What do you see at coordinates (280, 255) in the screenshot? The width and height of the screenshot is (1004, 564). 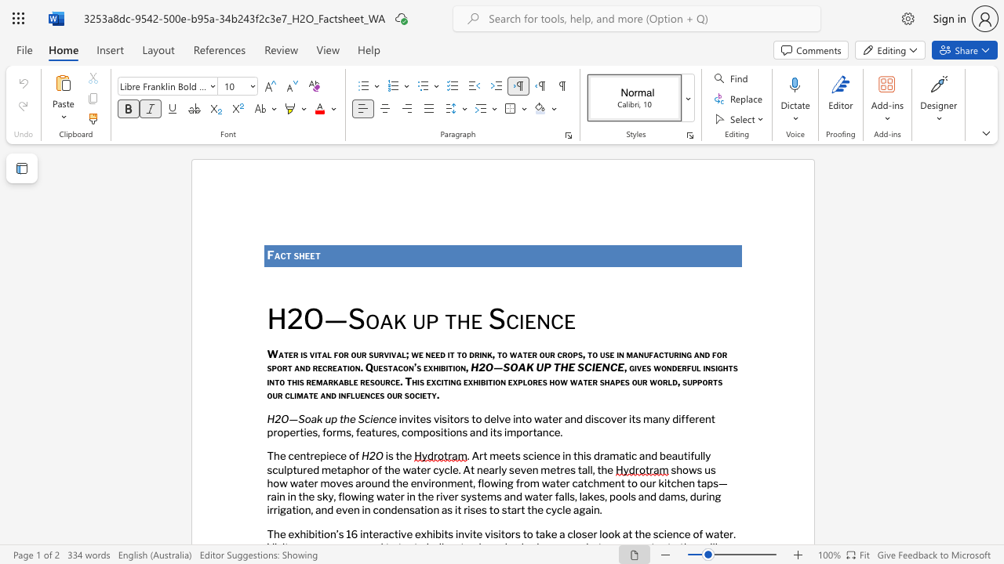 I see `the space between the continuous character "a" and "c" in the text` at bounding box center [280, 255].